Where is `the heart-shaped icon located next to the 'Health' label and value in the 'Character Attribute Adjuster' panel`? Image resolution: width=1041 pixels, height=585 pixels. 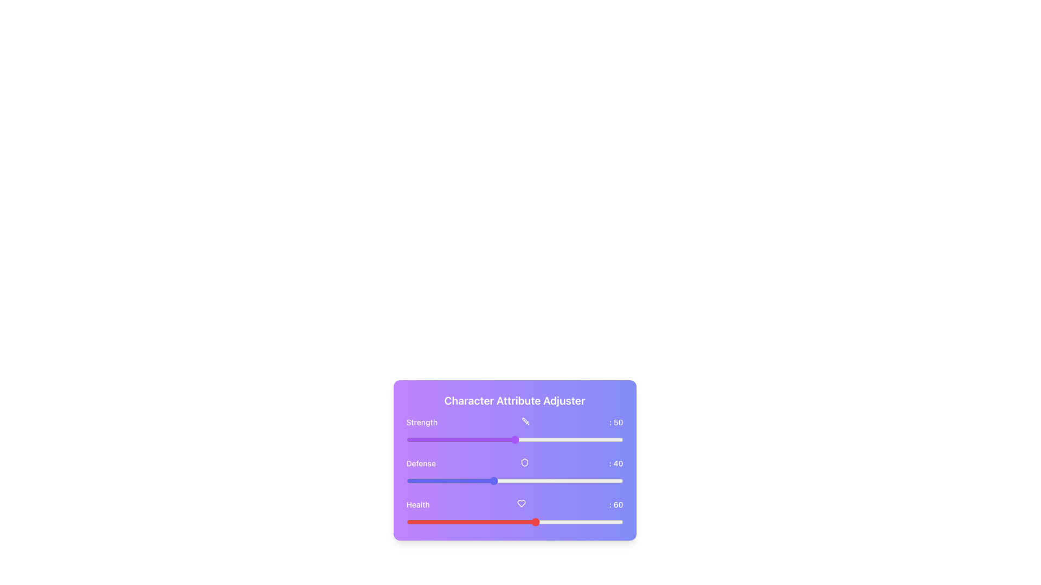
the heart-shaped icon located next to the 'Health' label and value in the 'Character Attribute Adjuster' panel is located at coordinates (522, 503).